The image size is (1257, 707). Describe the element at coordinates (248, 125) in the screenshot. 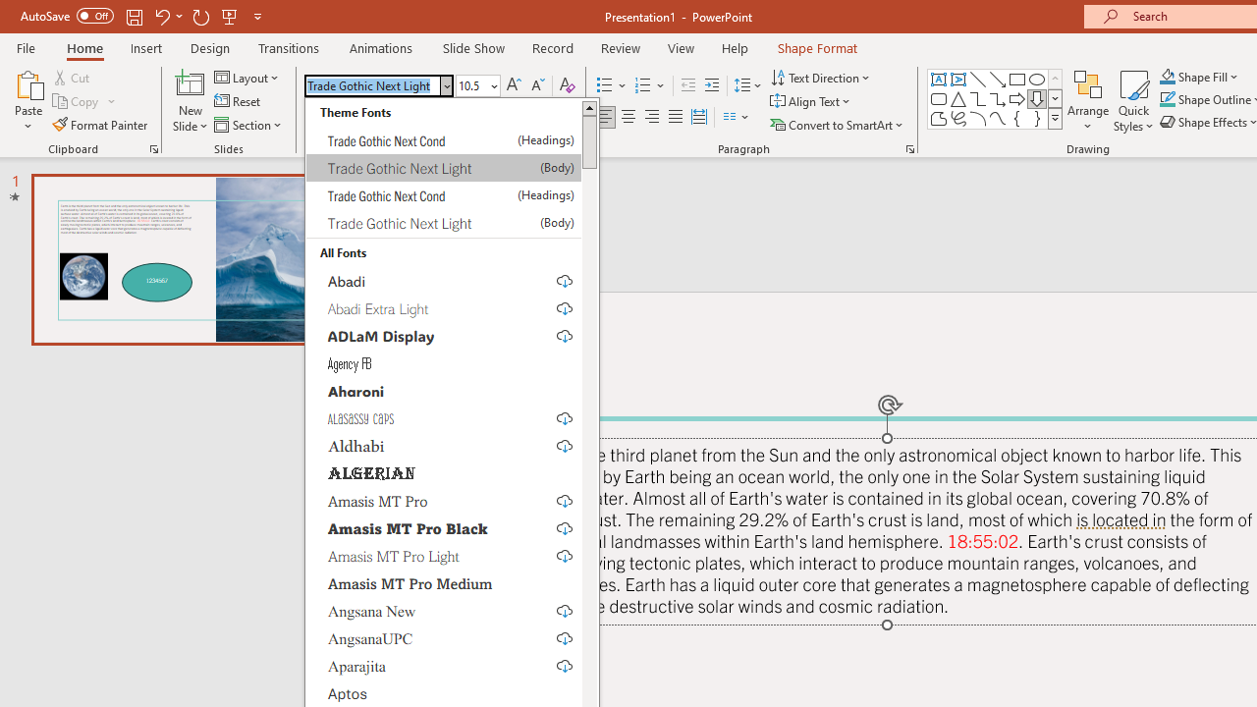

I see `'Section'` at that location.